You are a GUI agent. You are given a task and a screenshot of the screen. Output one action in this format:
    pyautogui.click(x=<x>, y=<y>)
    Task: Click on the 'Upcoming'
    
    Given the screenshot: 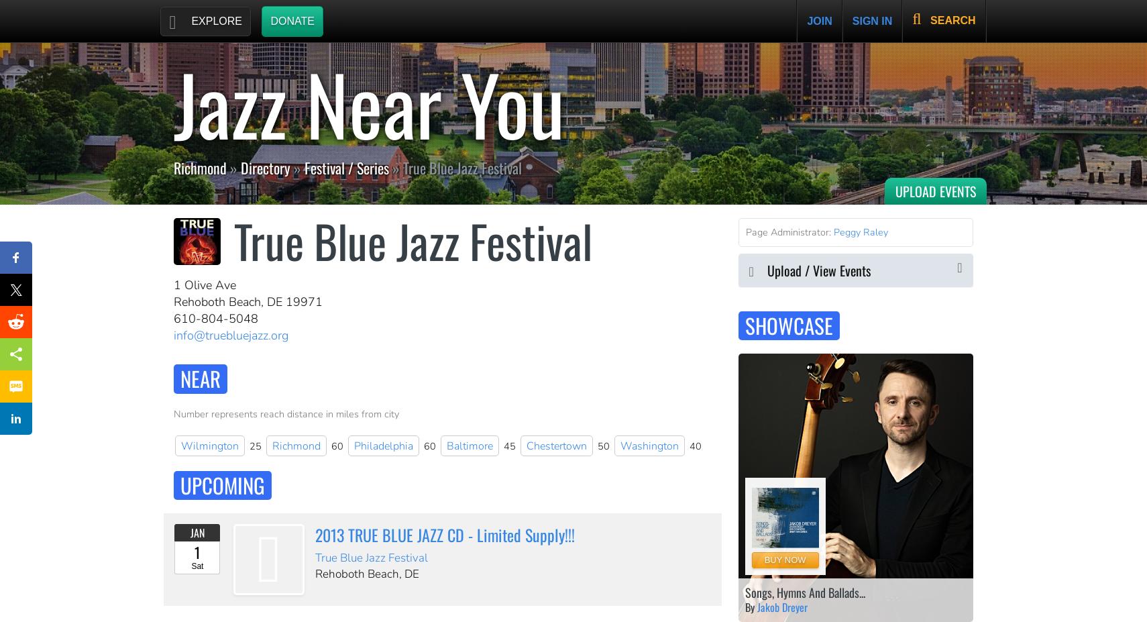 What is the action you would take?
    pyautogui.click(x=179, y=484)
    